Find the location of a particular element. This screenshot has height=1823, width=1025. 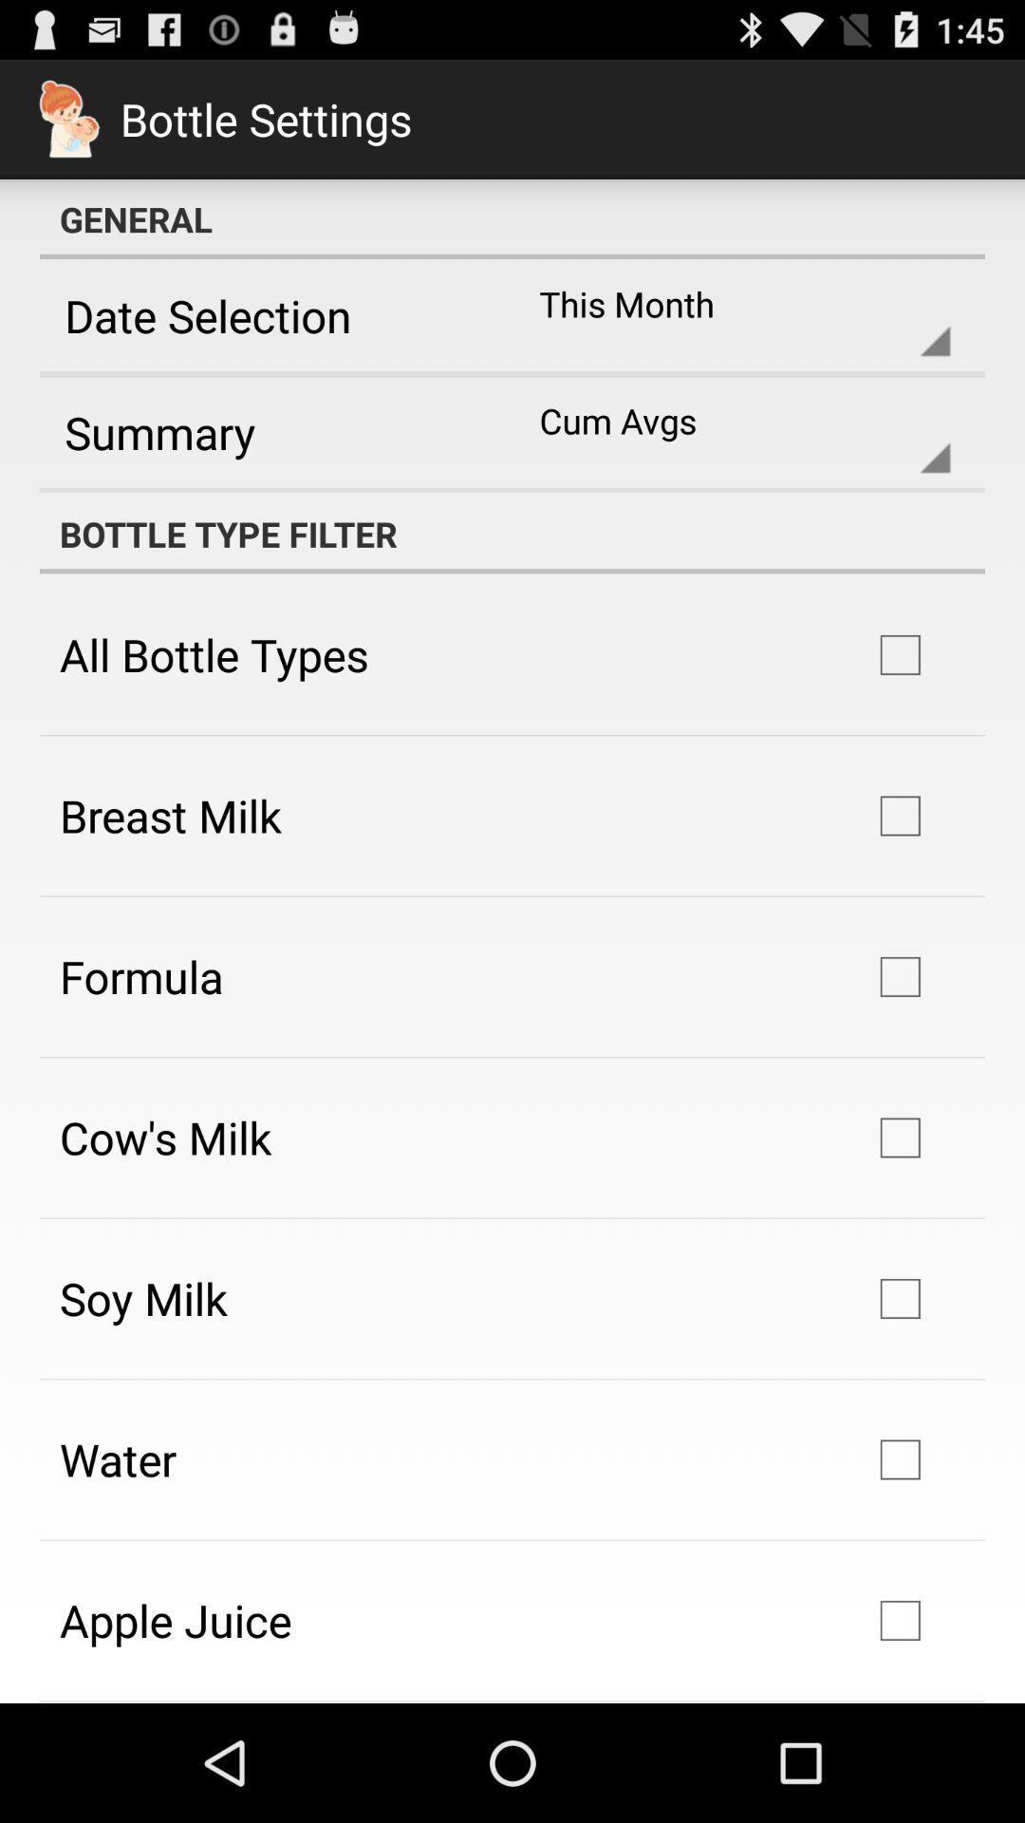

the app below the formula icon is located at coordinates (164, 1137).